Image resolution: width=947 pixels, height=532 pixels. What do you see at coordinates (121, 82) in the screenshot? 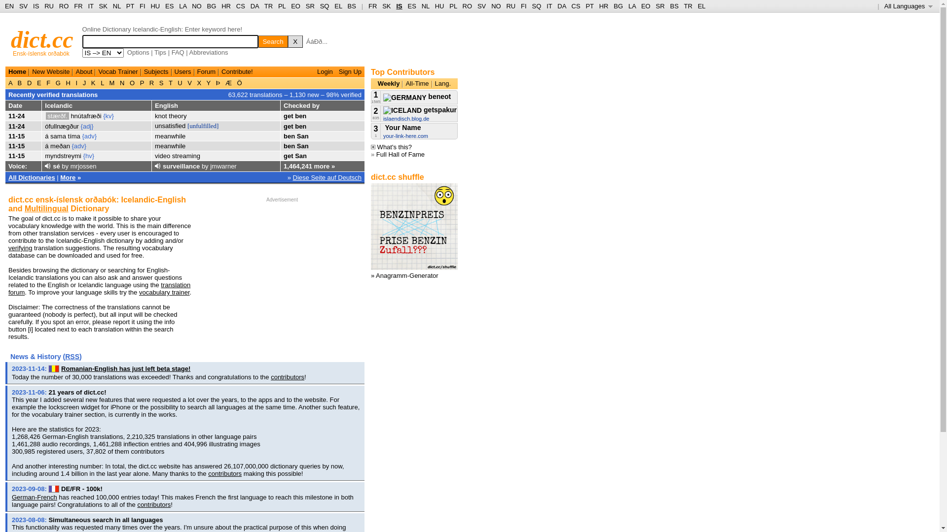
I see `'N'` at bounding box center [121, 82].